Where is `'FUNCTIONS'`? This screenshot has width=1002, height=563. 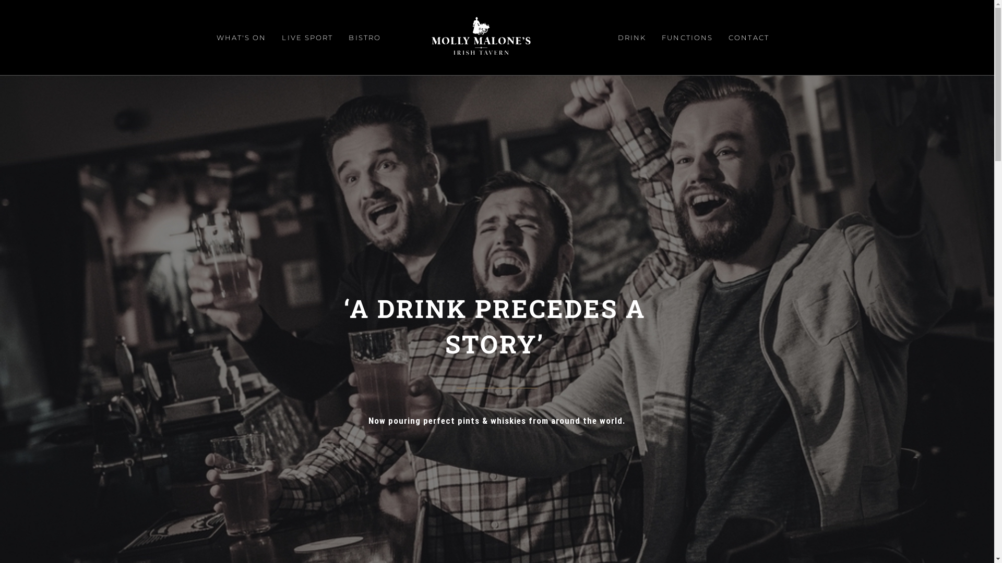
'FUNCTIONS' is located at coordinates (687, 37).